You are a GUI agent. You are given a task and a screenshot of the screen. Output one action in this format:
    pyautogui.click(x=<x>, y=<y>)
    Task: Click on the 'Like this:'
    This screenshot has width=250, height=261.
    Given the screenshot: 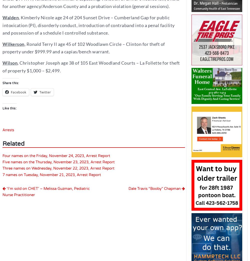 What is the action you would take?
    pyautogui.click(x=2, y=108)
    